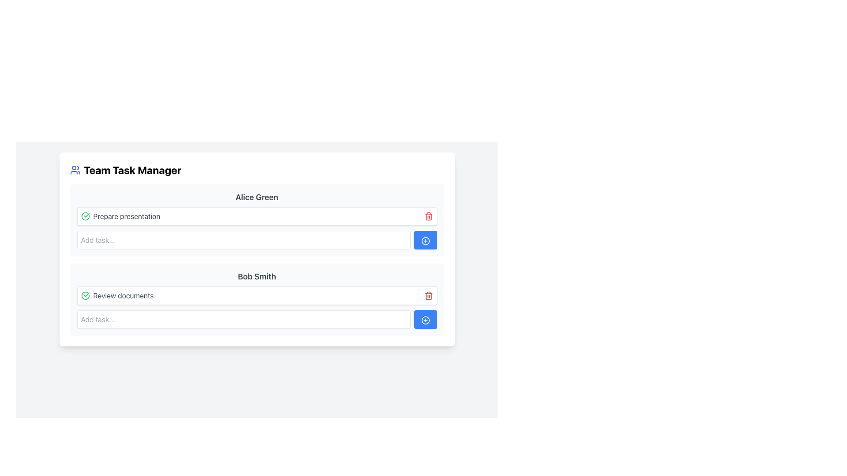  Describe the element at coordinates (116, 296) in the screenshot. I see `the 'Review documents' text label with accompanying icon, which indicates a completed task under the 'Bob Smith' section in the Team Task Manager interface` at that location.